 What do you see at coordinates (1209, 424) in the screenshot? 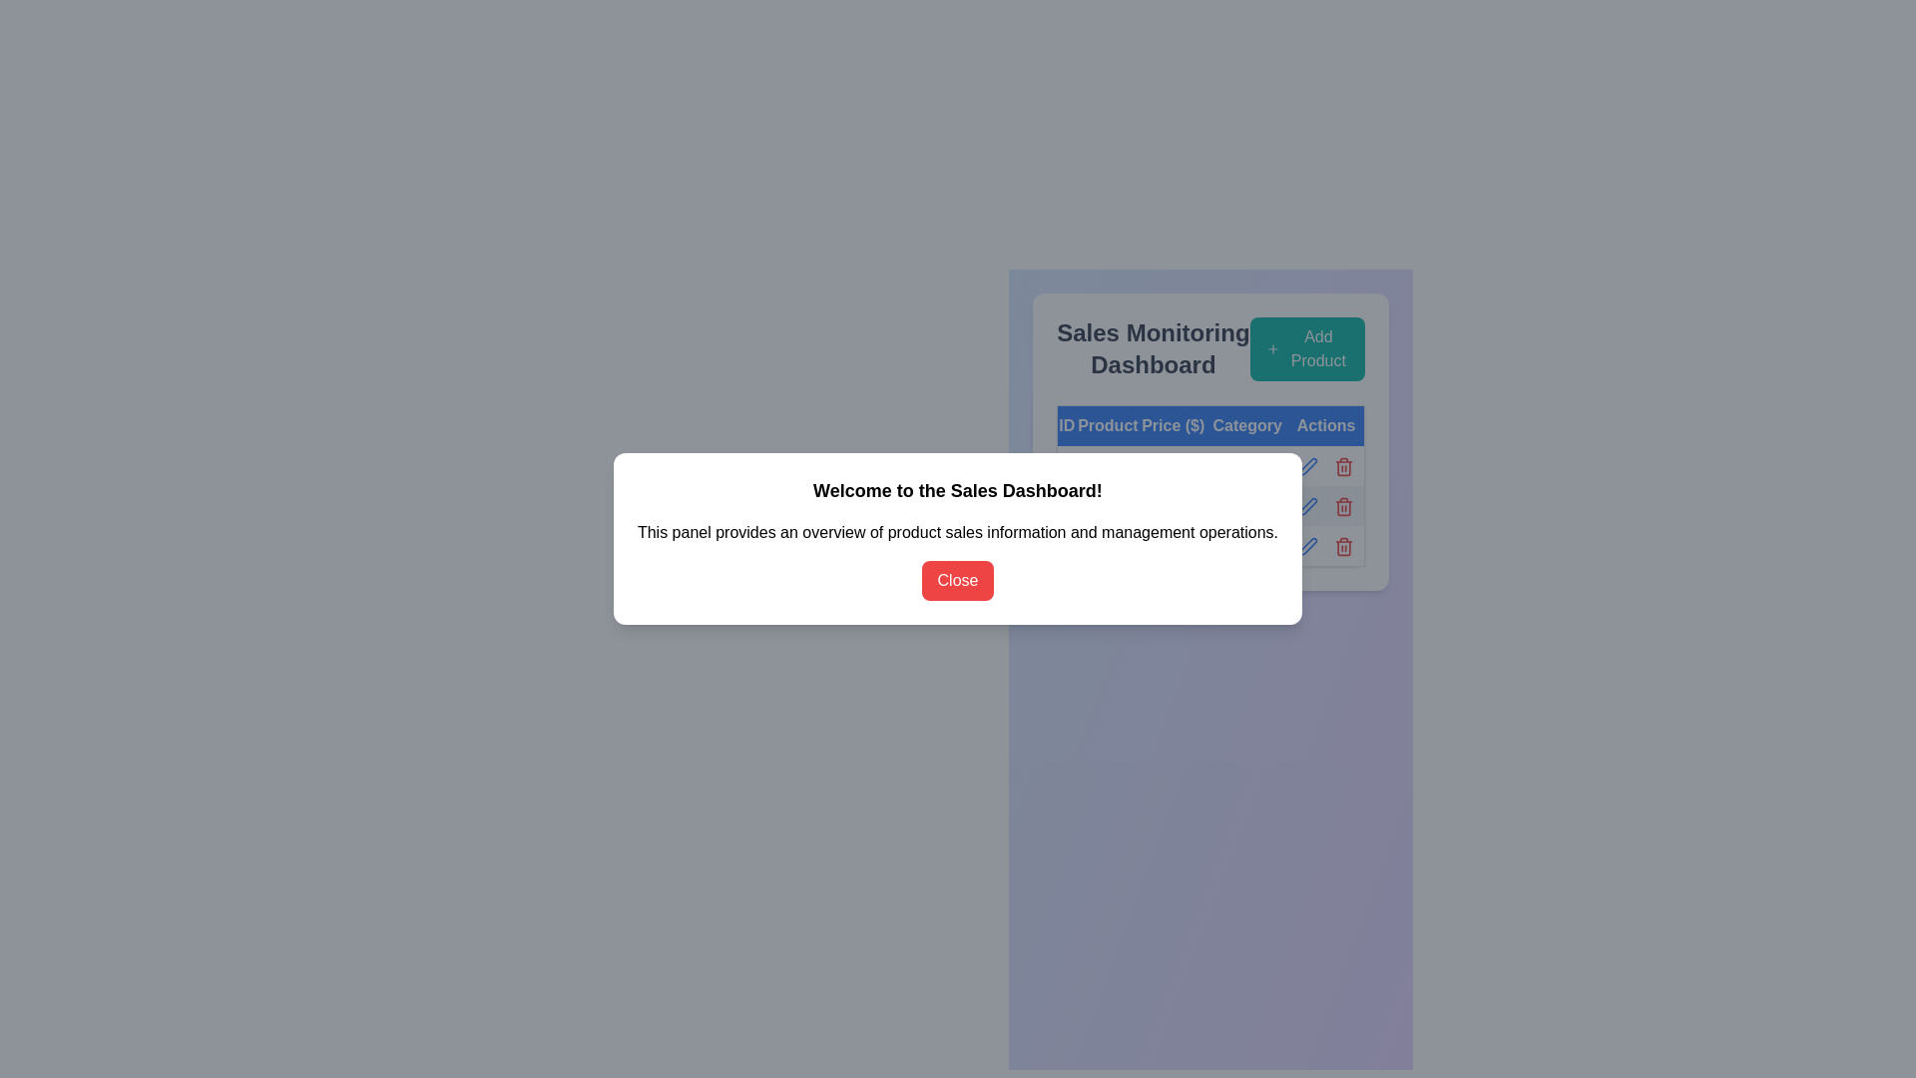
I see `column headings of the table header row with a blue background and white text, which includes titles: 'ID', 'Product', 'Price ($)', 'Category', and 'Actions'` at bounding box center [1209, 424].